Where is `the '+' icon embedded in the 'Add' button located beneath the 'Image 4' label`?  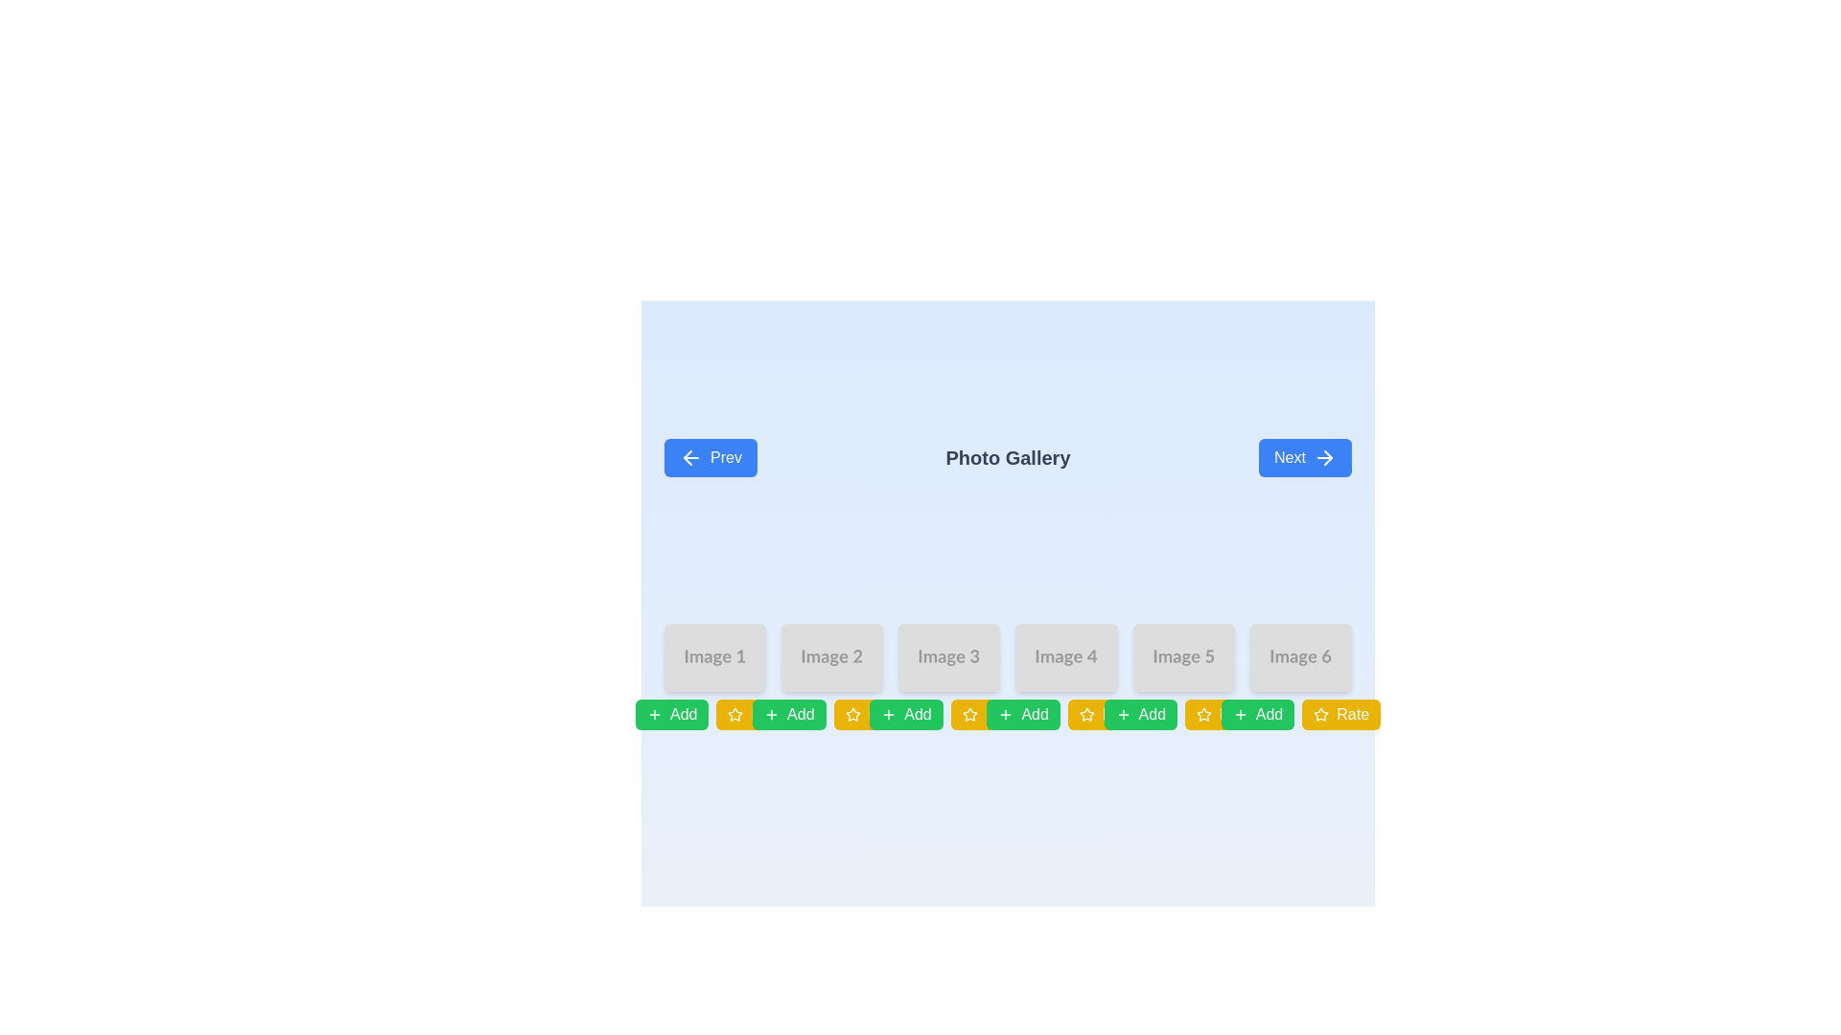
the '+' icon embedded in the 'Add' button located beneath the 'Image 4' label is located at coordinates (1005, 714).